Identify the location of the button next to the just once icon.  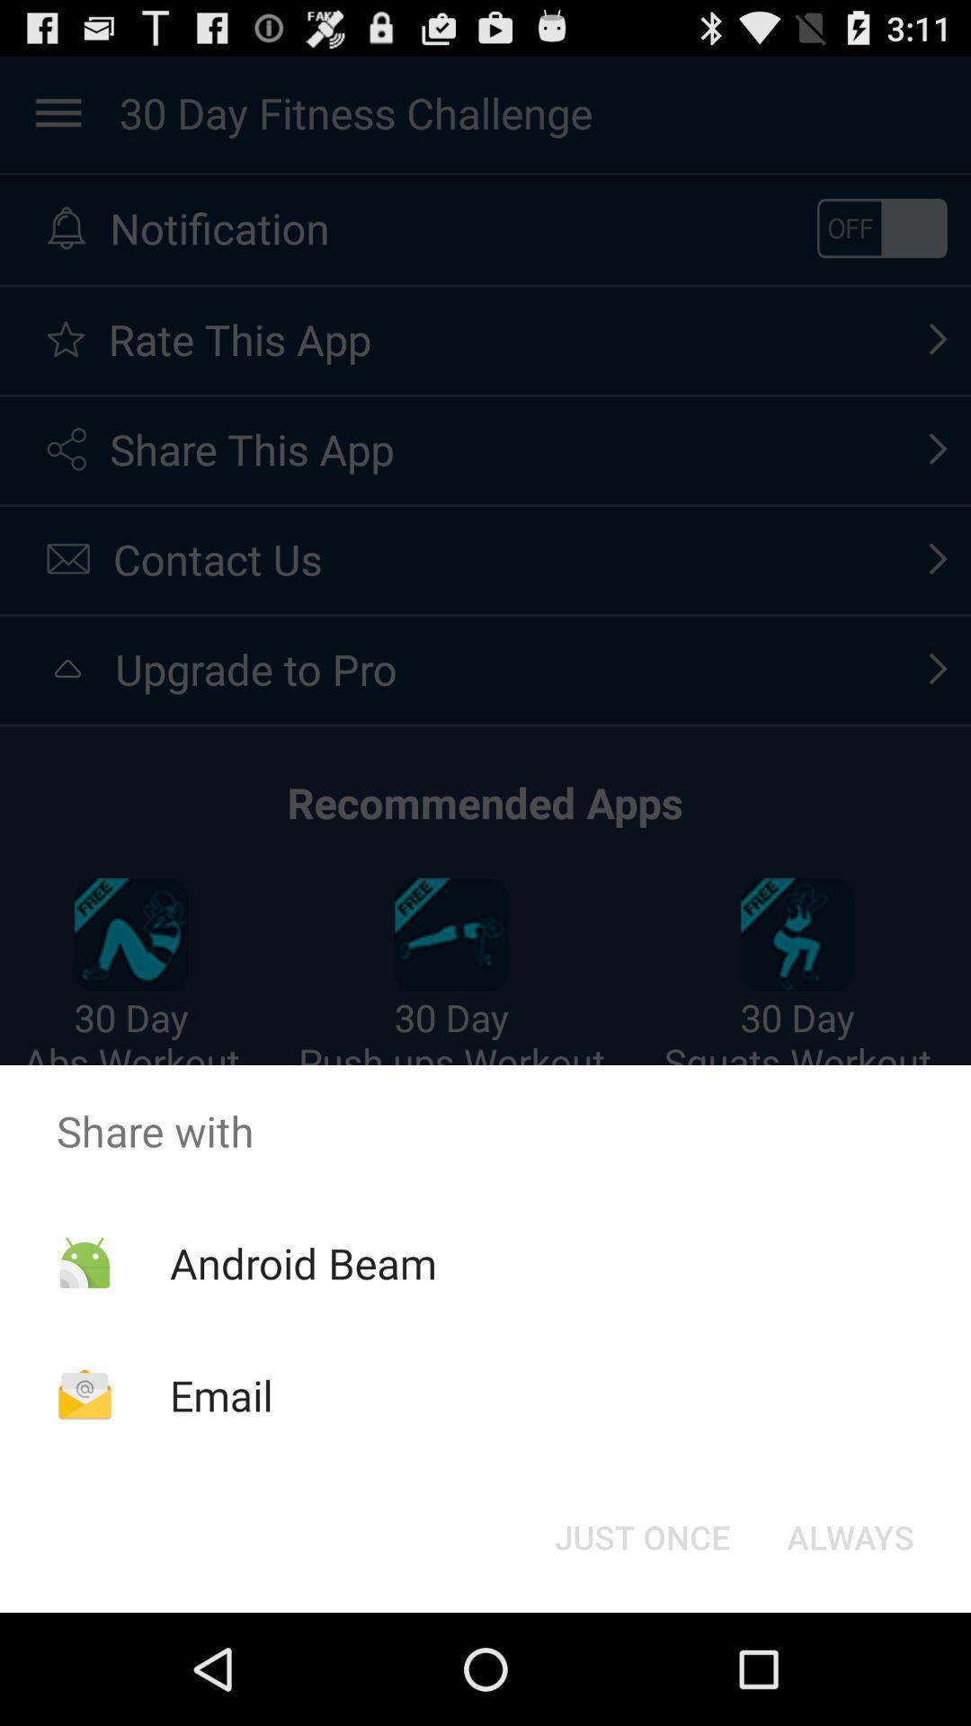
(850, 1535).